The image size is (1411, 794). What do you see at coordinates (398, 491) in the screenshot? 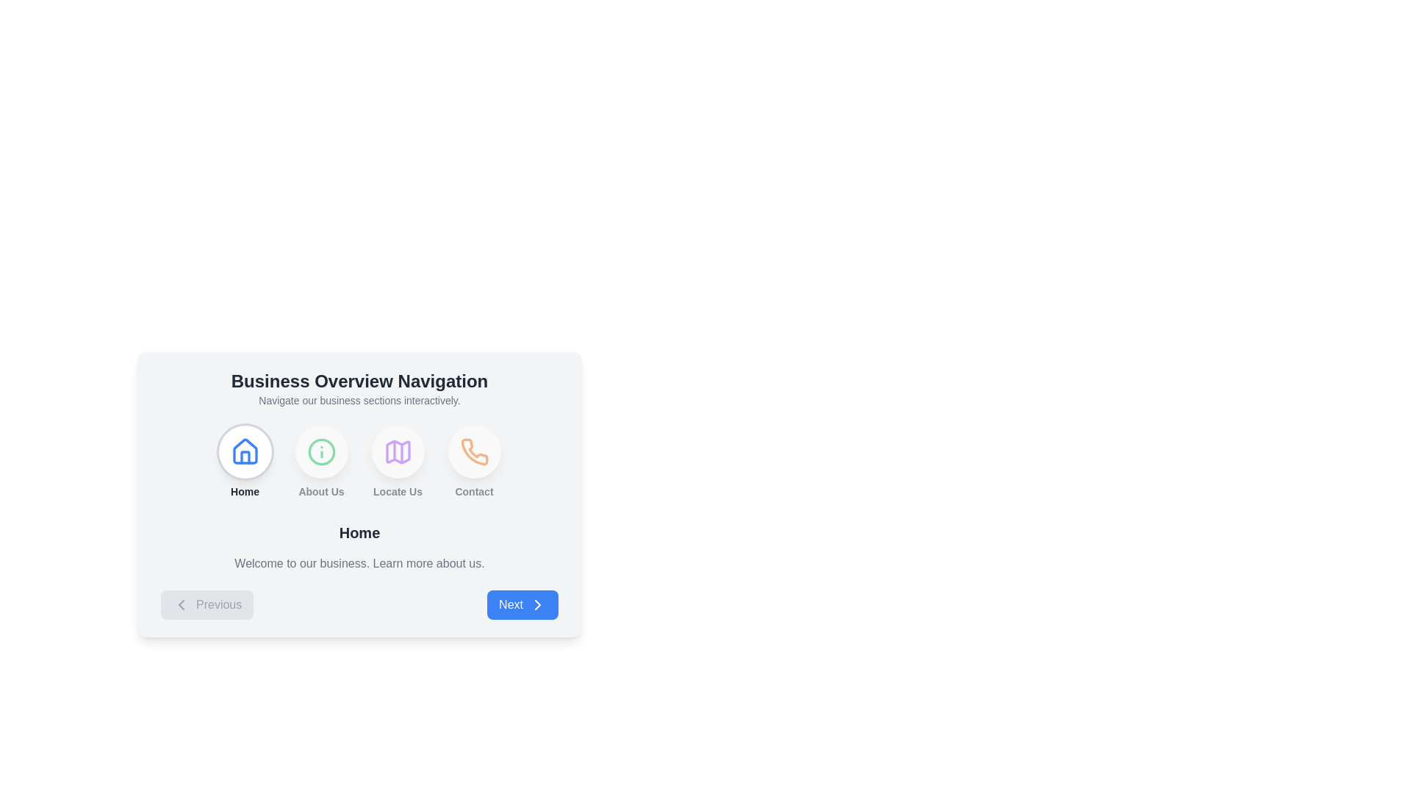
I see `the text label displaying 'Locate Us', which is styled in a smaller bold font and positioned below a map icon, as part of the navigation options` at bounding box center [398, 491].